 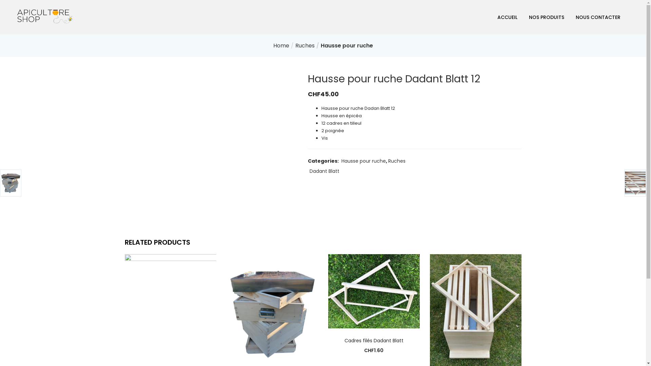 What do you see at coordinates (598, 17) in the screenshot?
I see `'NOUS CONTACTER'` at bounding box center [598, 17].